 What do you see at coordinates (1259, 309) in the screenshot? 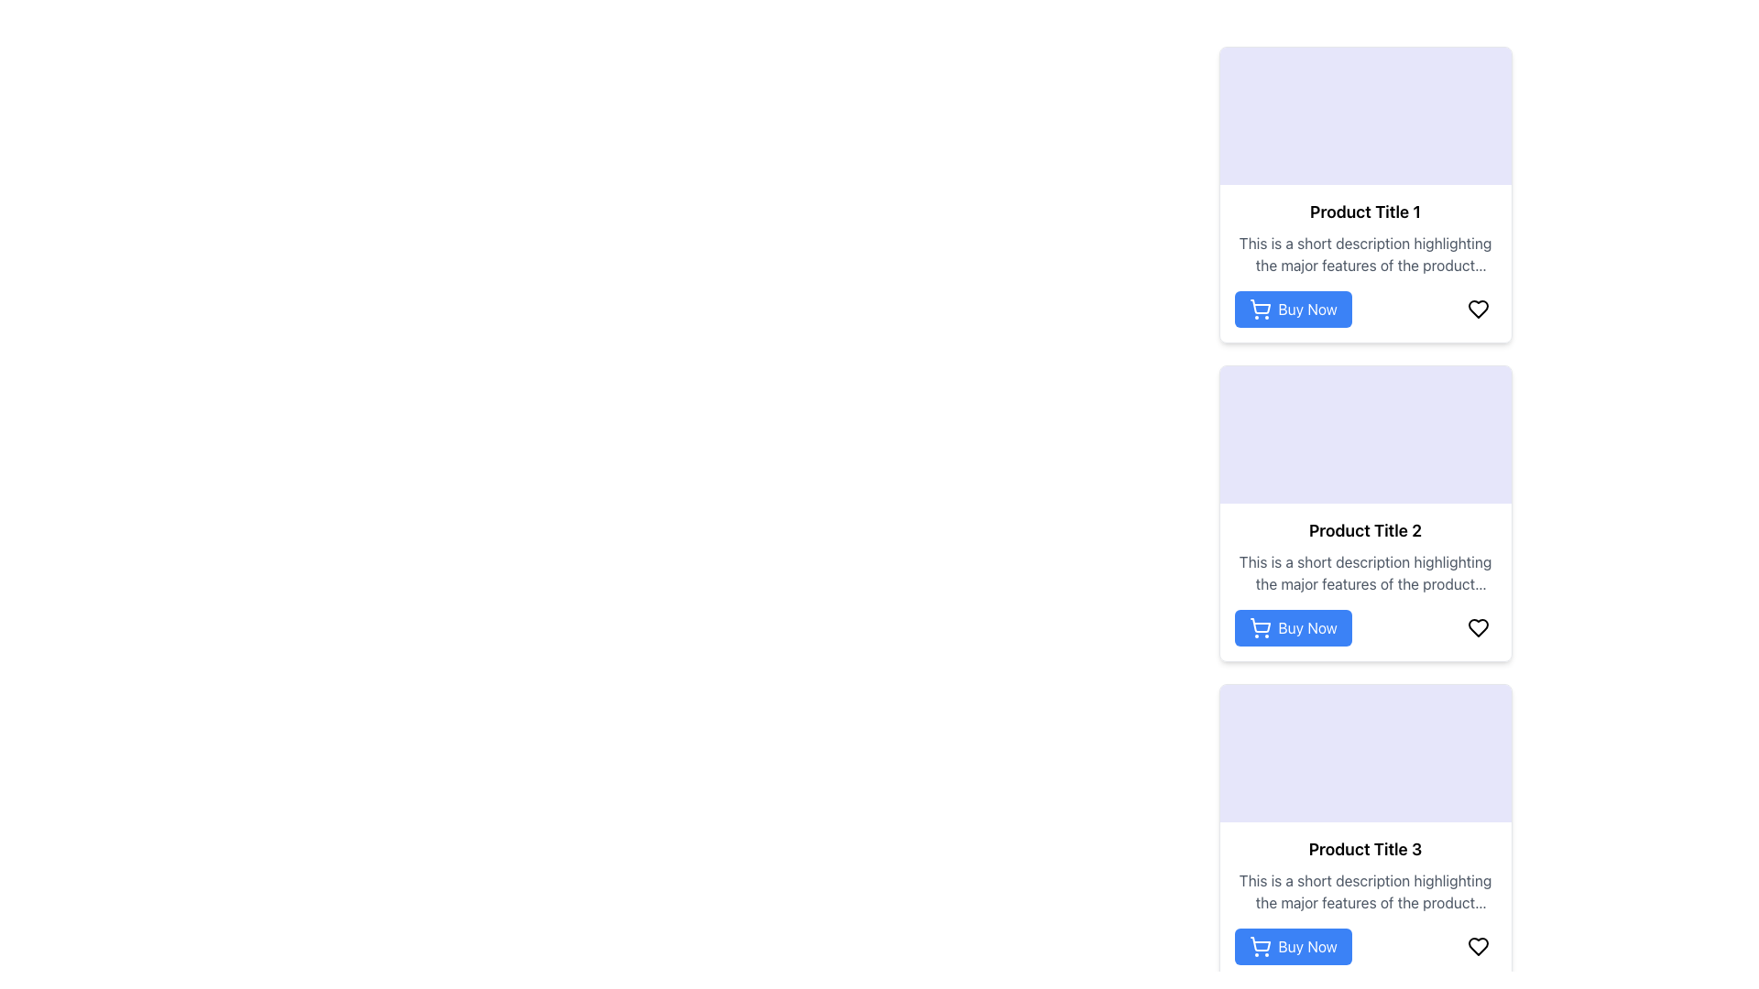
I see `the 'Buy Now' button which contains a shopping cart icon positioned to the left of the text` at bounding box center [1259, 309].